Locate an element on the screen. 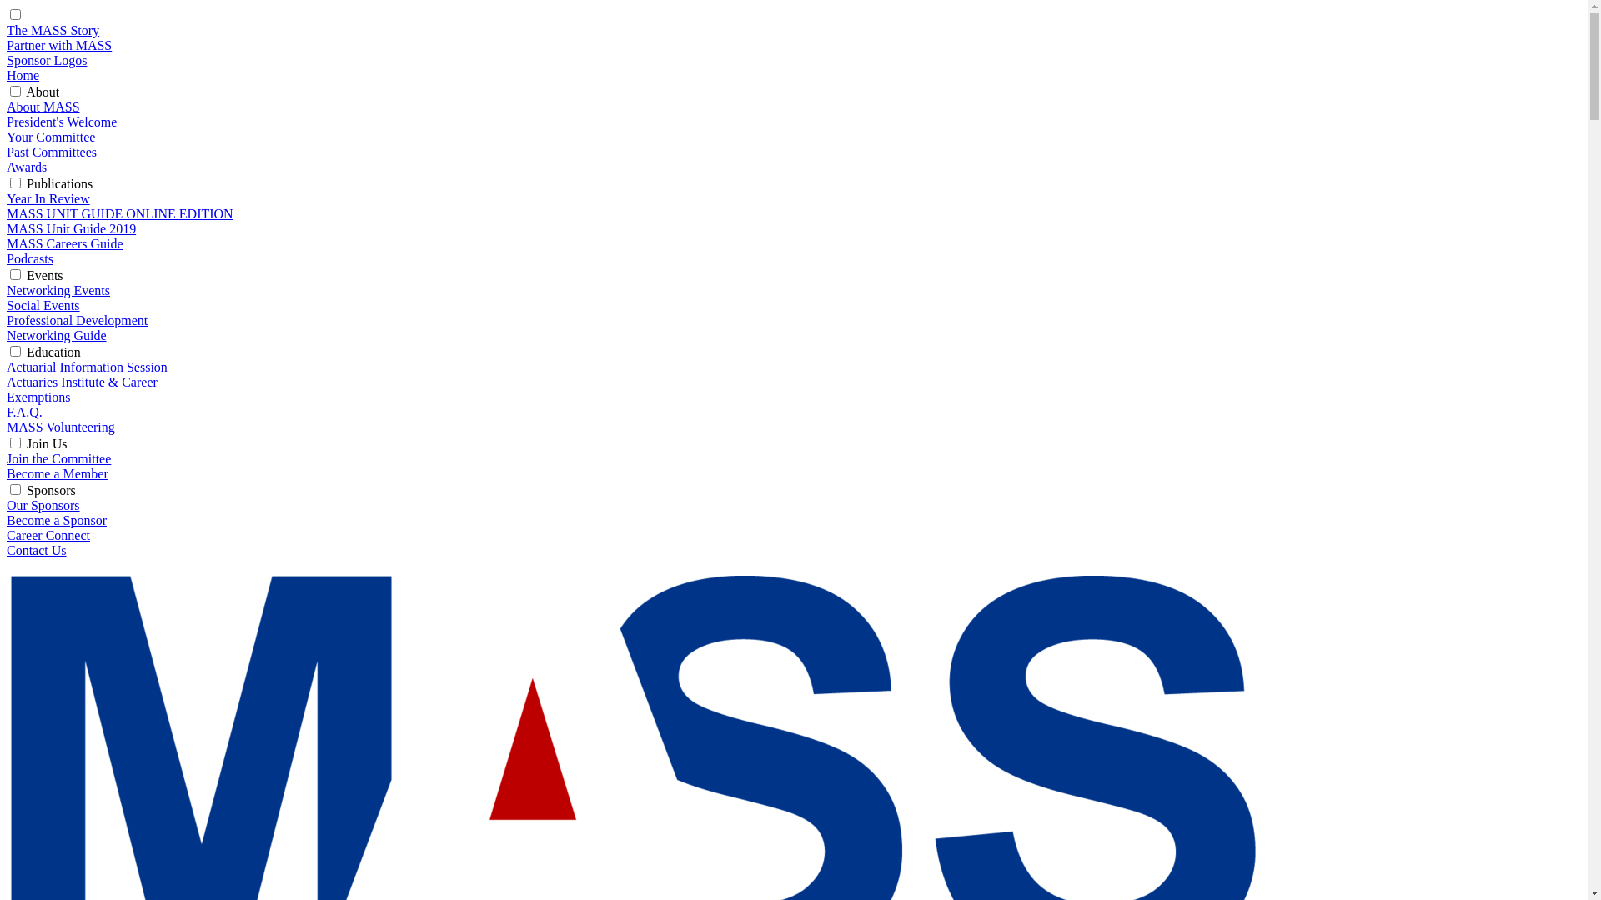 The height and width of the screenshot is (900, 1601). 'Publications' is located at coordinates (59, 183).